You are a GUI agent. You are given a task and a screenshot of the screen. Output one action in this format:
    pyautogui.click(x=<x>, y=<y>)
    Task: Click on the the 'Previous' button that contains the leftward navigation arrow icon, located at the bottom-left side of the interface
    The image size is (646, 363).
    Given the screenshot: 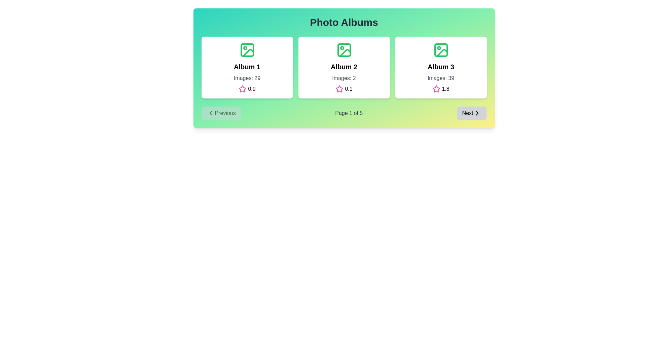 What is the action you would take?
    pyautogui.click(x=210, y=113)
    